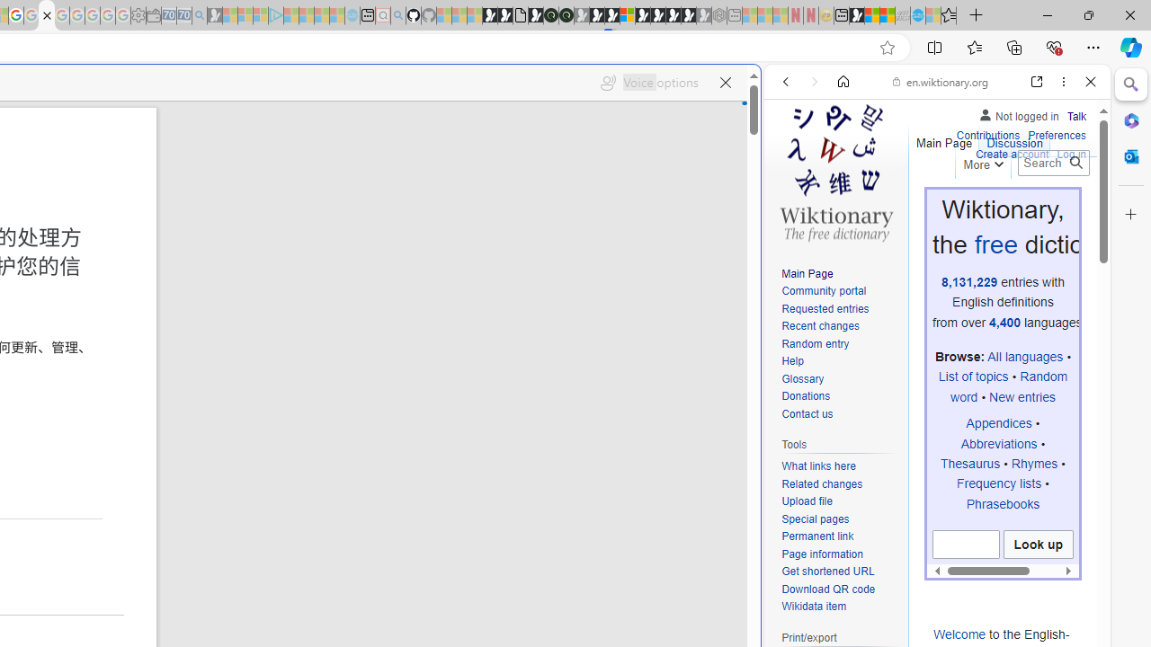 The width and height of the screenshot is (1151, 647). I want to click on 'Wikidata item', so click(840, 607).